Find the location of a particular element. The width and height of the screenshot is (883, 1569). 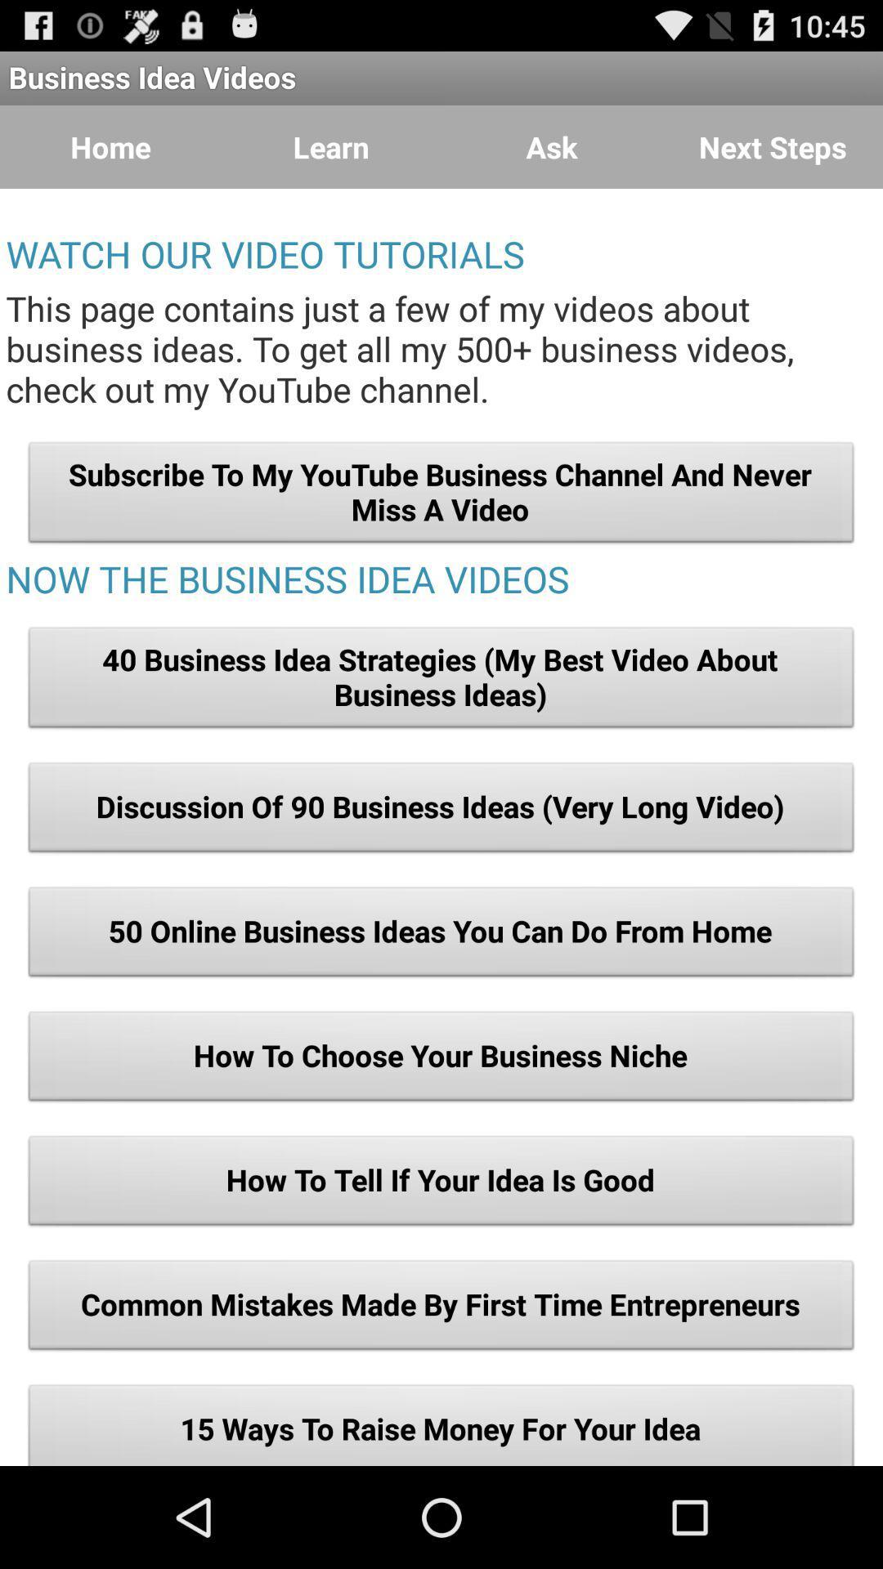

button to the left of the ask button is located at coordinates (331, 147).